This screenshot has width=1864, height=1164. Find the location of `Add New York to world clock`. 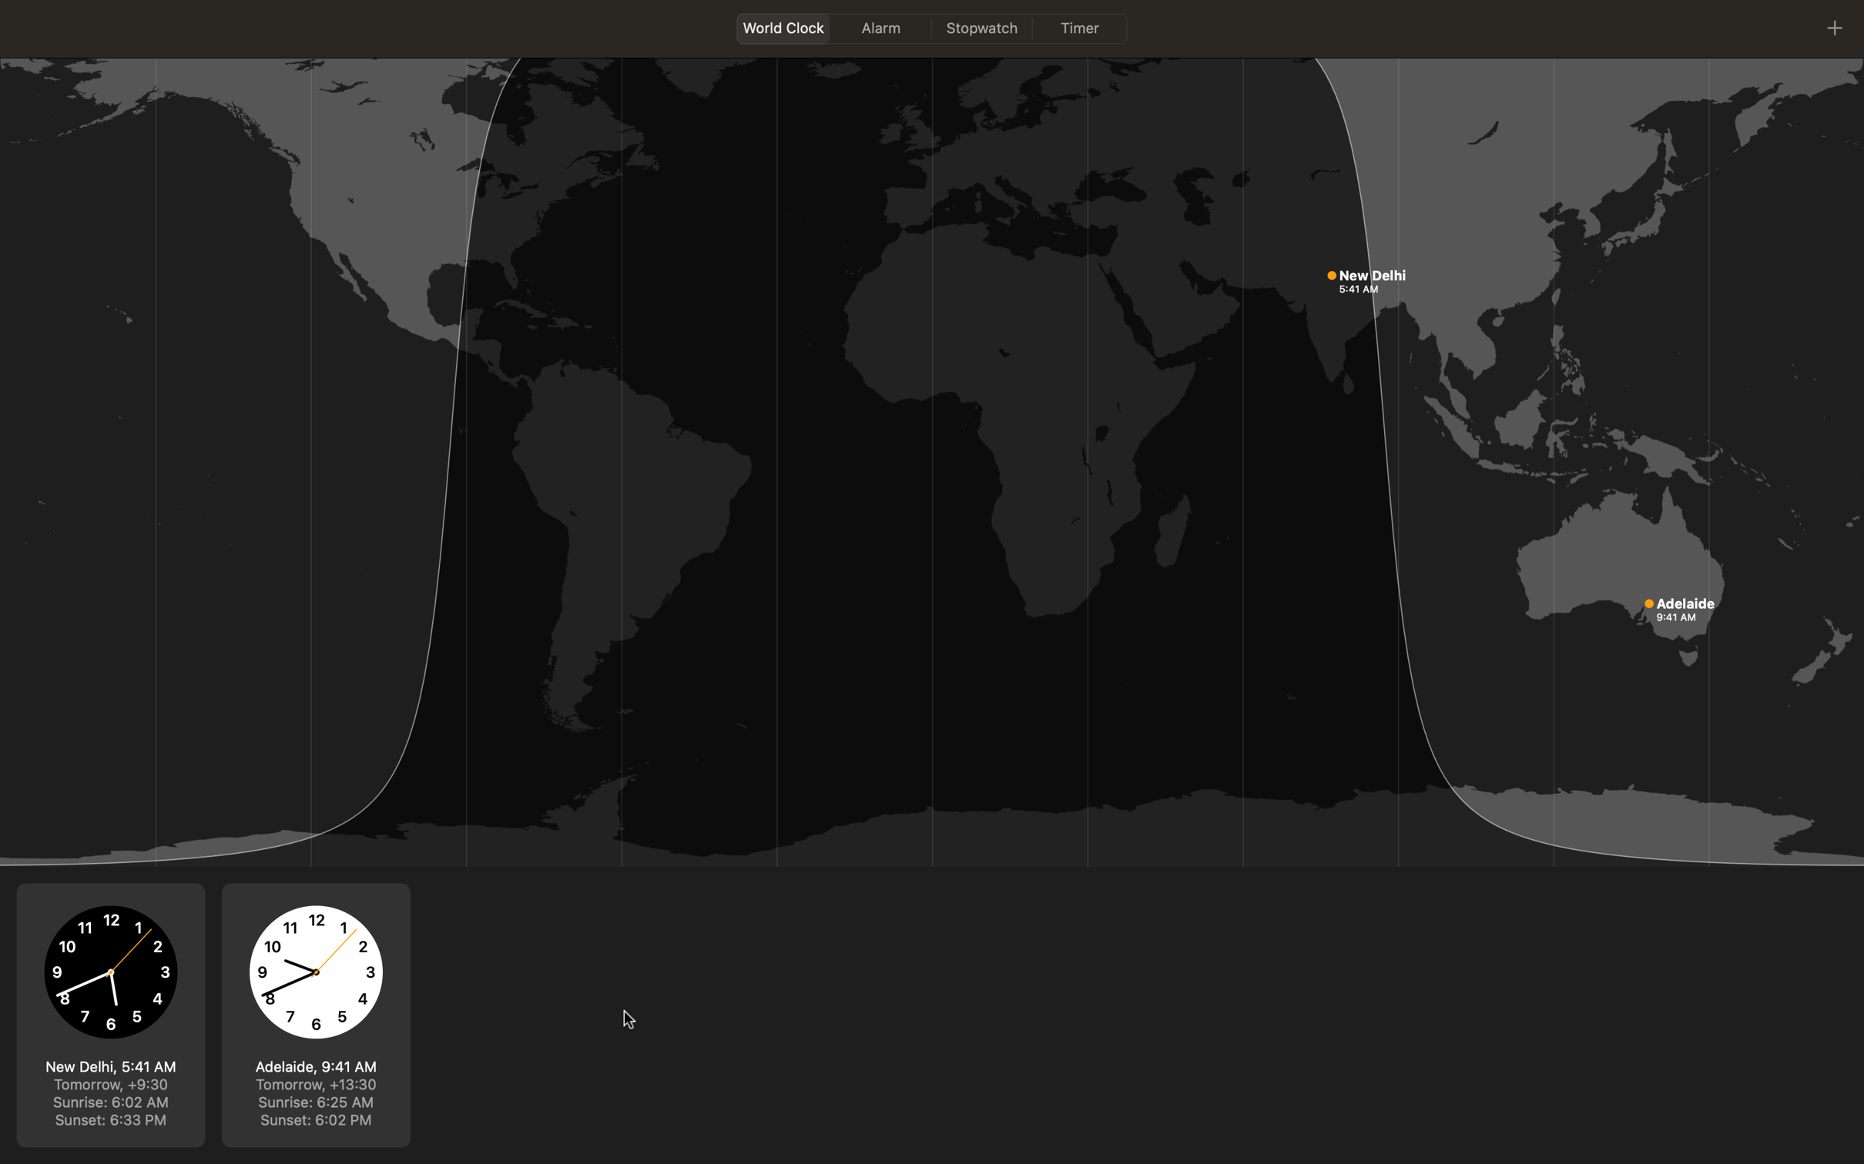

Add New York to world clock is located at coordinates (1834, 25).